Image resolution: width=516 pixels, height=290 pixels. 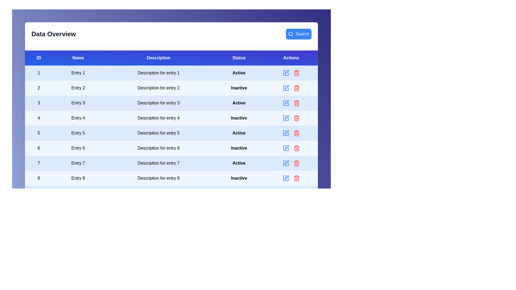 I want to click on the search button to initiate a search, so click(x=298, y=34).